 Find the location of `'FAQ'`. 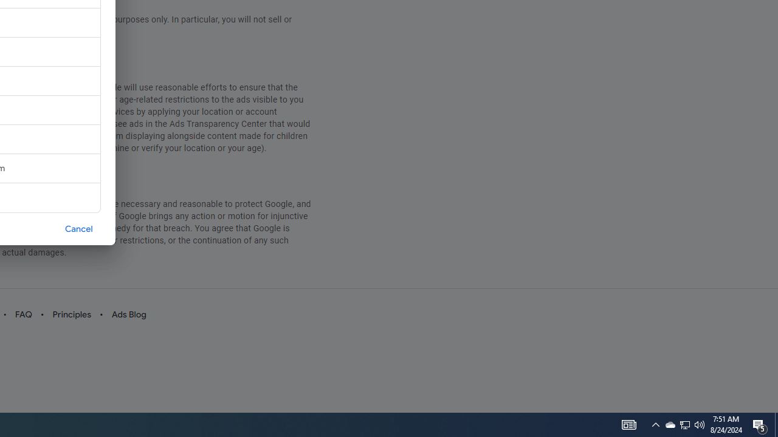

'FAQ' is located at coordinates (23, 314).